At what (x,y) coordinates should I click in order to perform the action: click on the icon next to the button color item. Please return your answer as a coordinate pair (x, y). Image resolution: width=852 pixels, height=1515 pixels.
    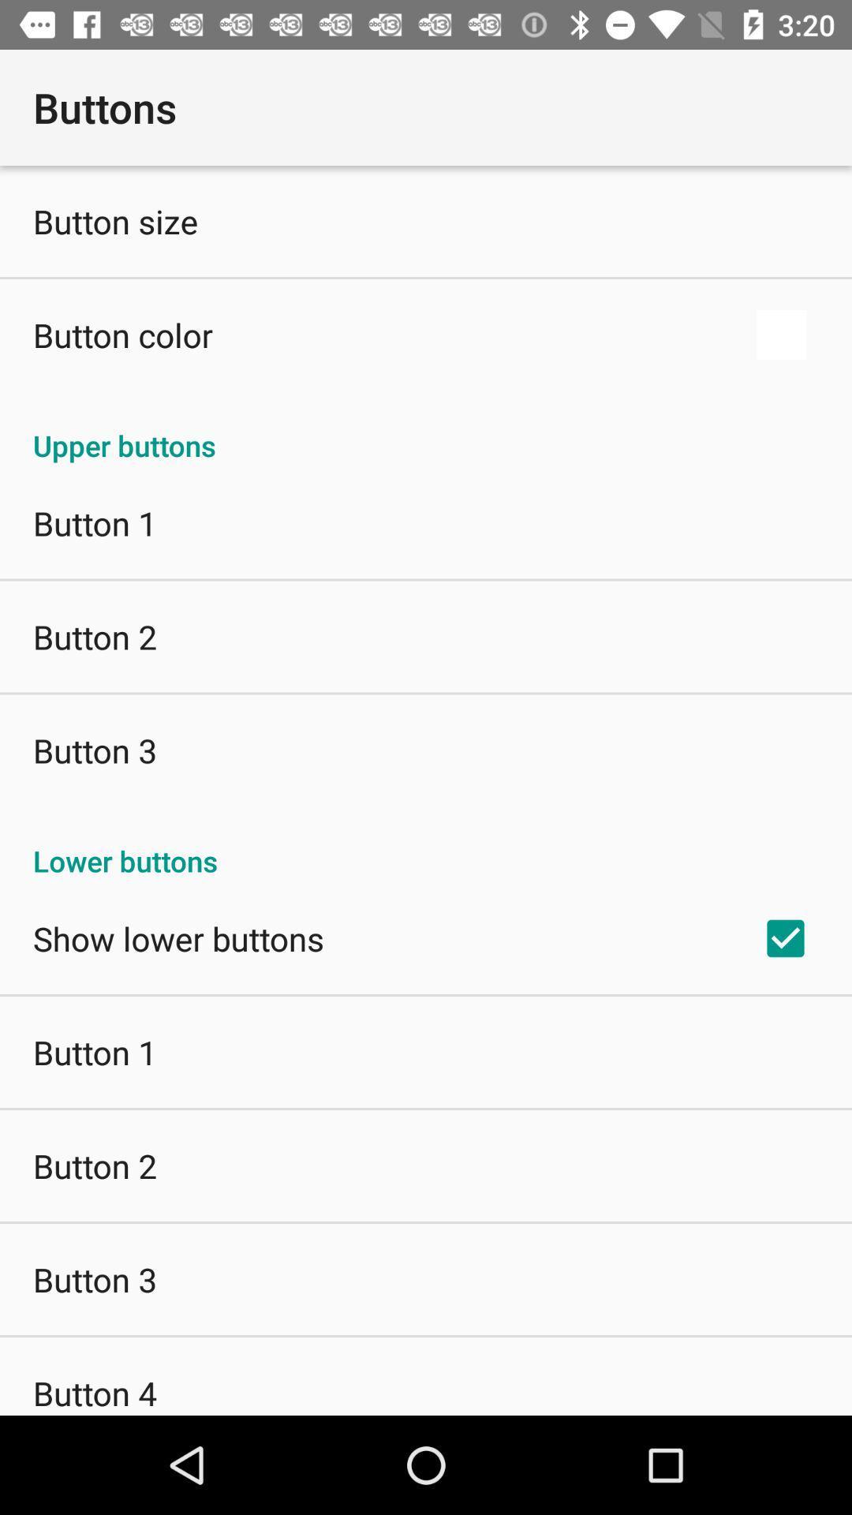
    Looking at the image, I should click on (781, 334).